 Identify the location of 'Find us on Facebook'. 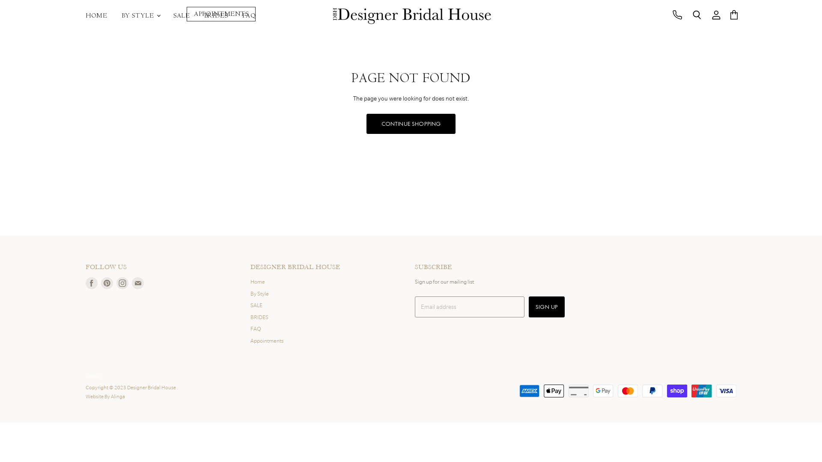
(92, 283).